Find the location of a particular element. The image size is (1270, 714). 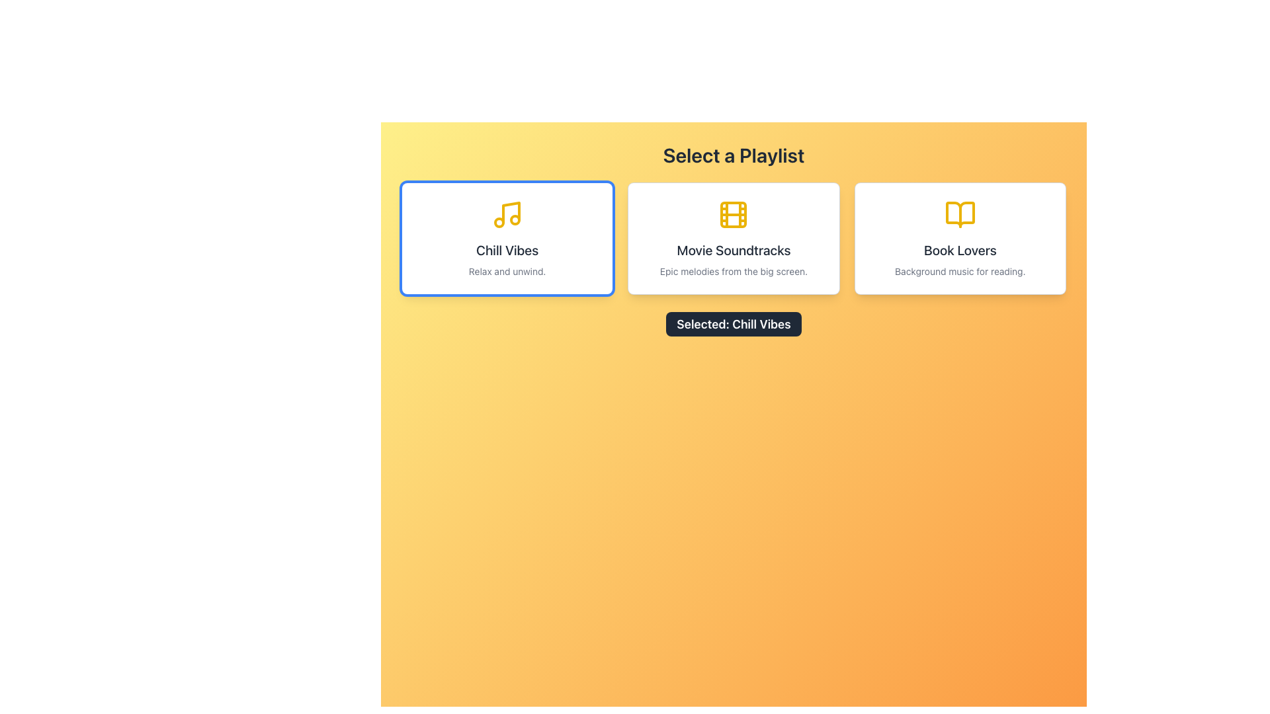

the 'Chill Vibes' text label is located at coordinates (507, 250).